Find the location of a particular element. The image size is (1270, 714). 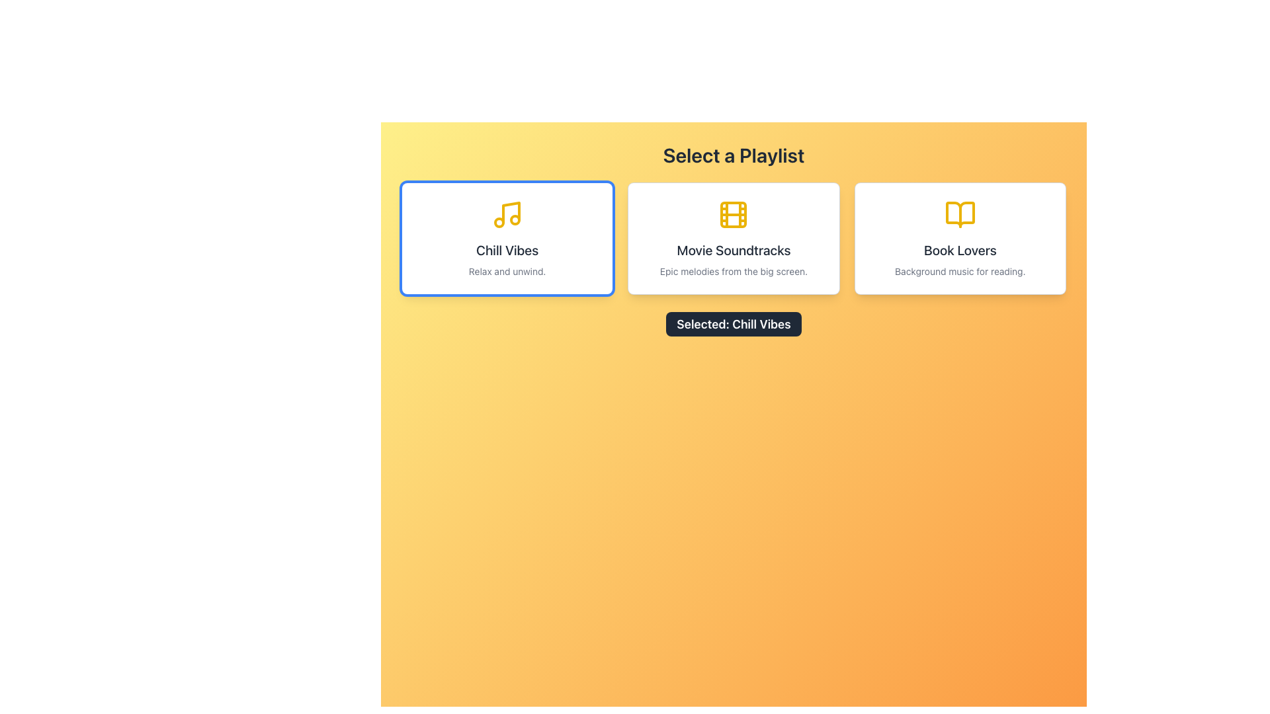

the 'Chill Vibes' text label is located at coordinates (507, 250).